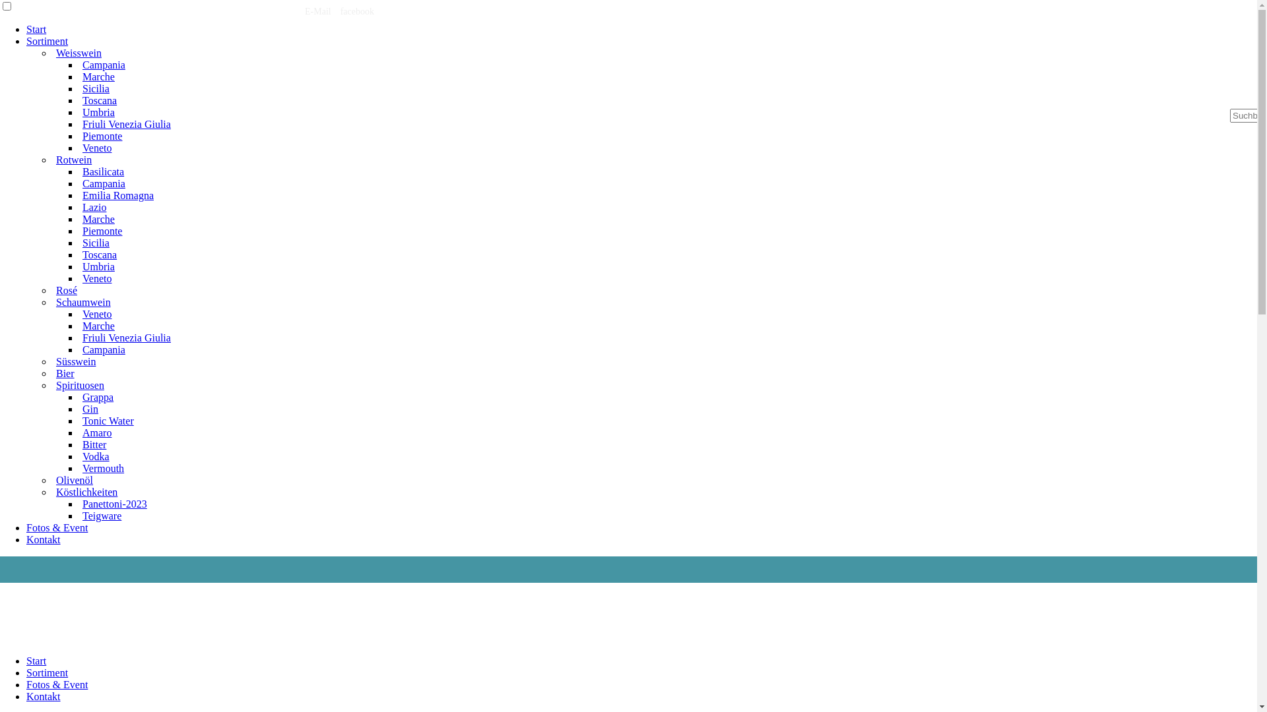 The width and height of the screenshot is (1267, 712). Describe the element at coordinates (79, 385) in the screenshot. I see `'Spirituosen'` at that location.